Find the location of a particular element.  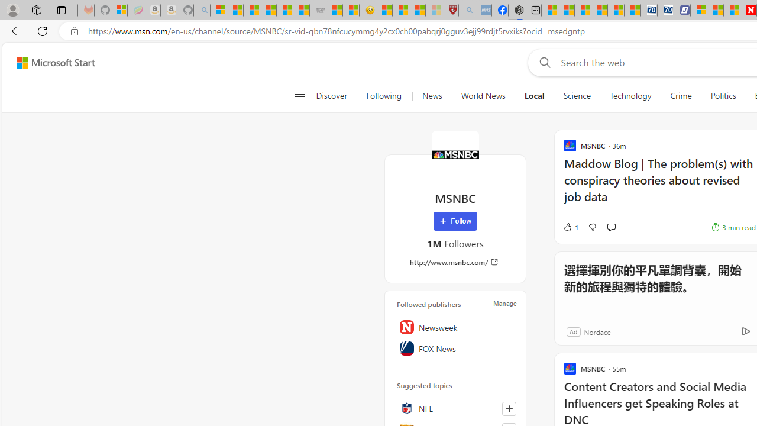

'World News' is located at coordinates (483, 96).